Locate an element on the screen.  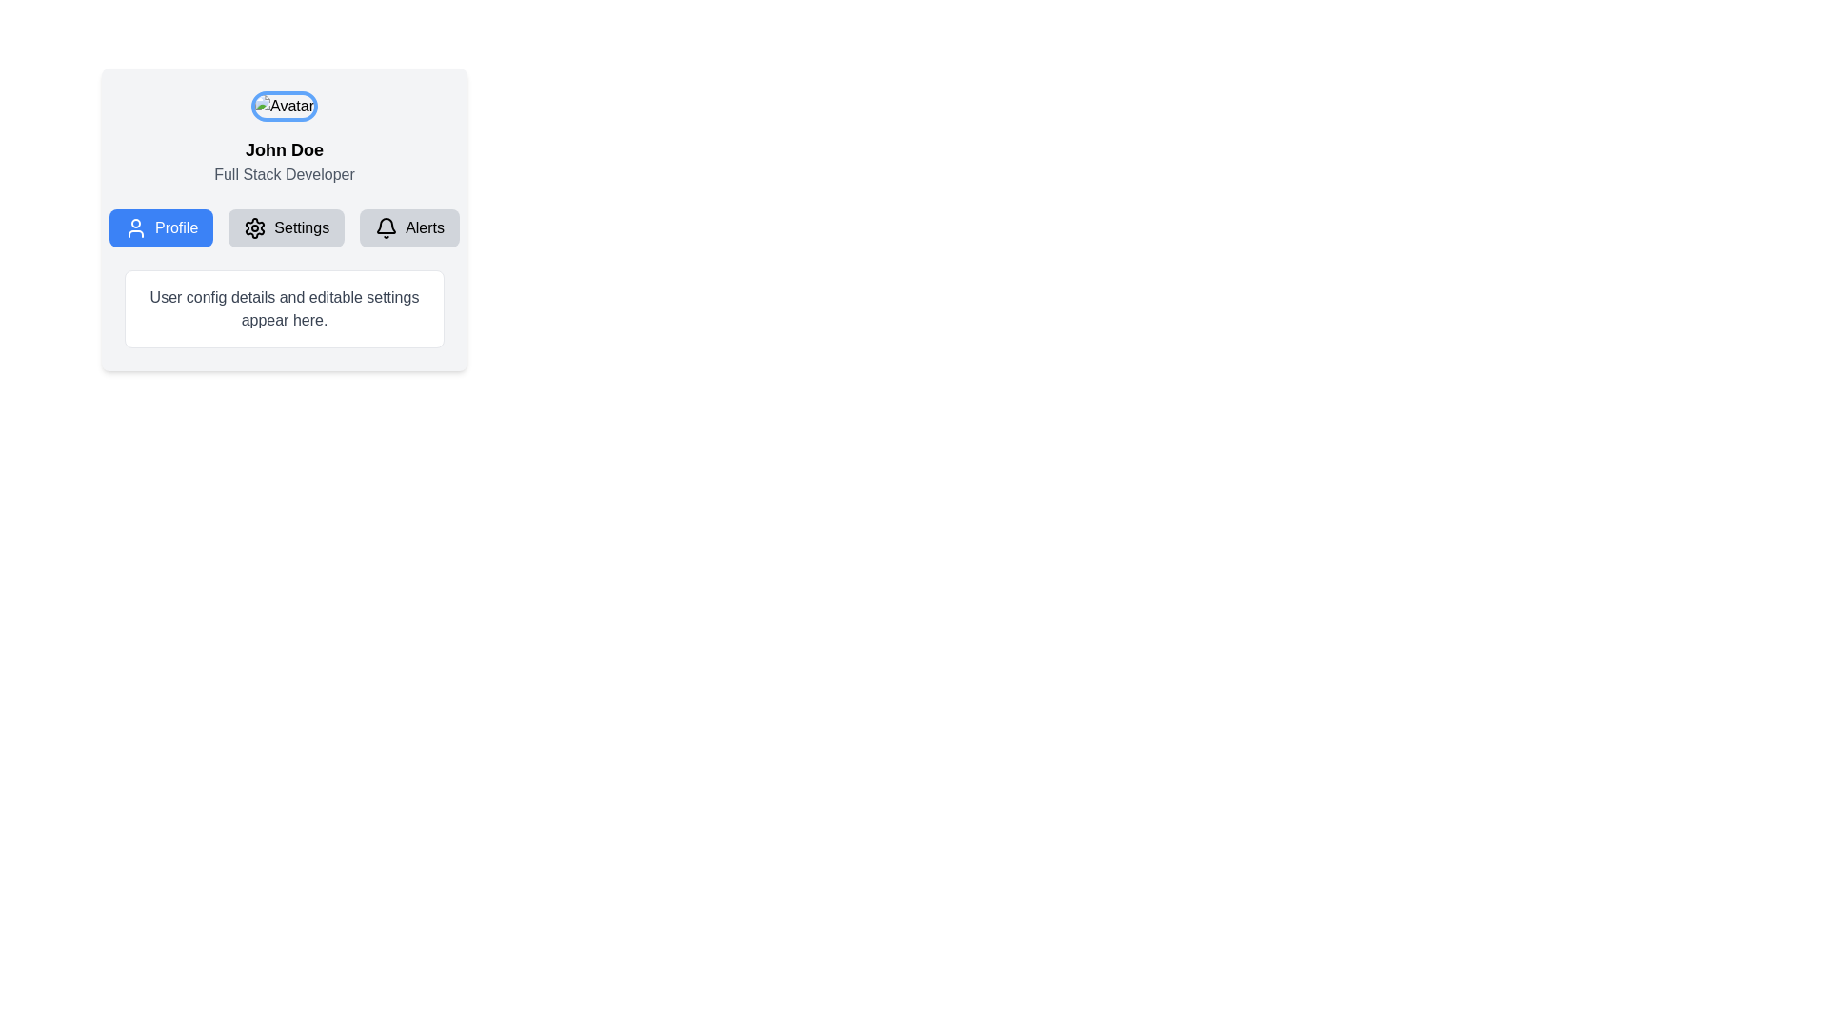
the 'Profile' text label within the blue button, which is part of a button group located below the user information section is located at coordinates (176, 227).